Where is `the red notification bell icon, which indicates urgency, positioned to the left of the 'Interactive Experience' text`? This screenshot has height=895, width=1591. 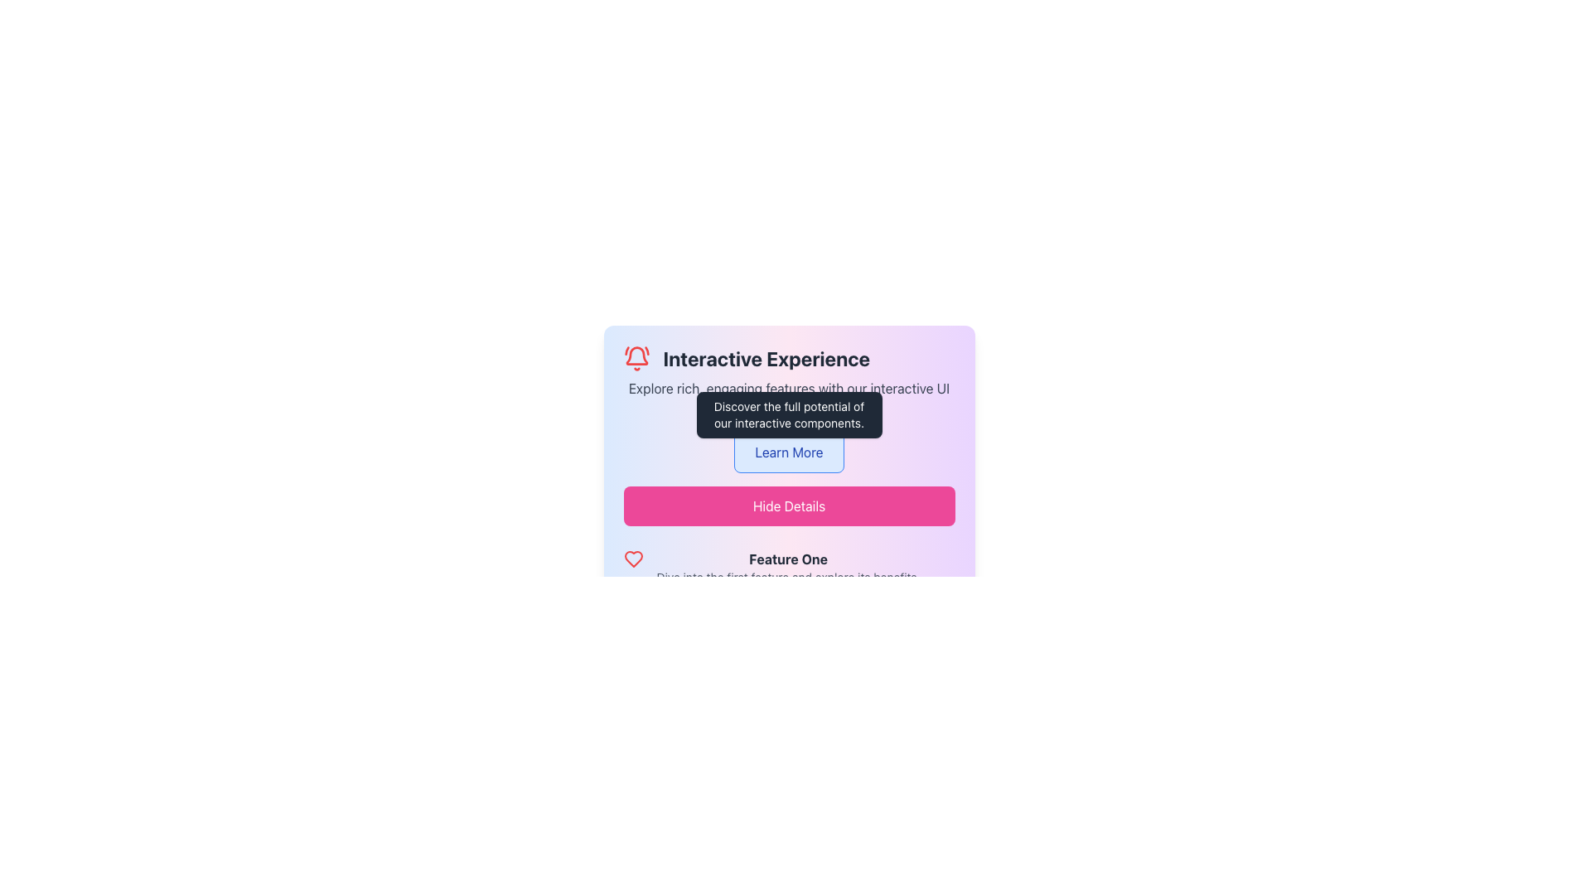
the red notification bell icon, which indicates urgency, positioned to the left of the 'Interactive Experience' text is located at coordinates (636, 357).